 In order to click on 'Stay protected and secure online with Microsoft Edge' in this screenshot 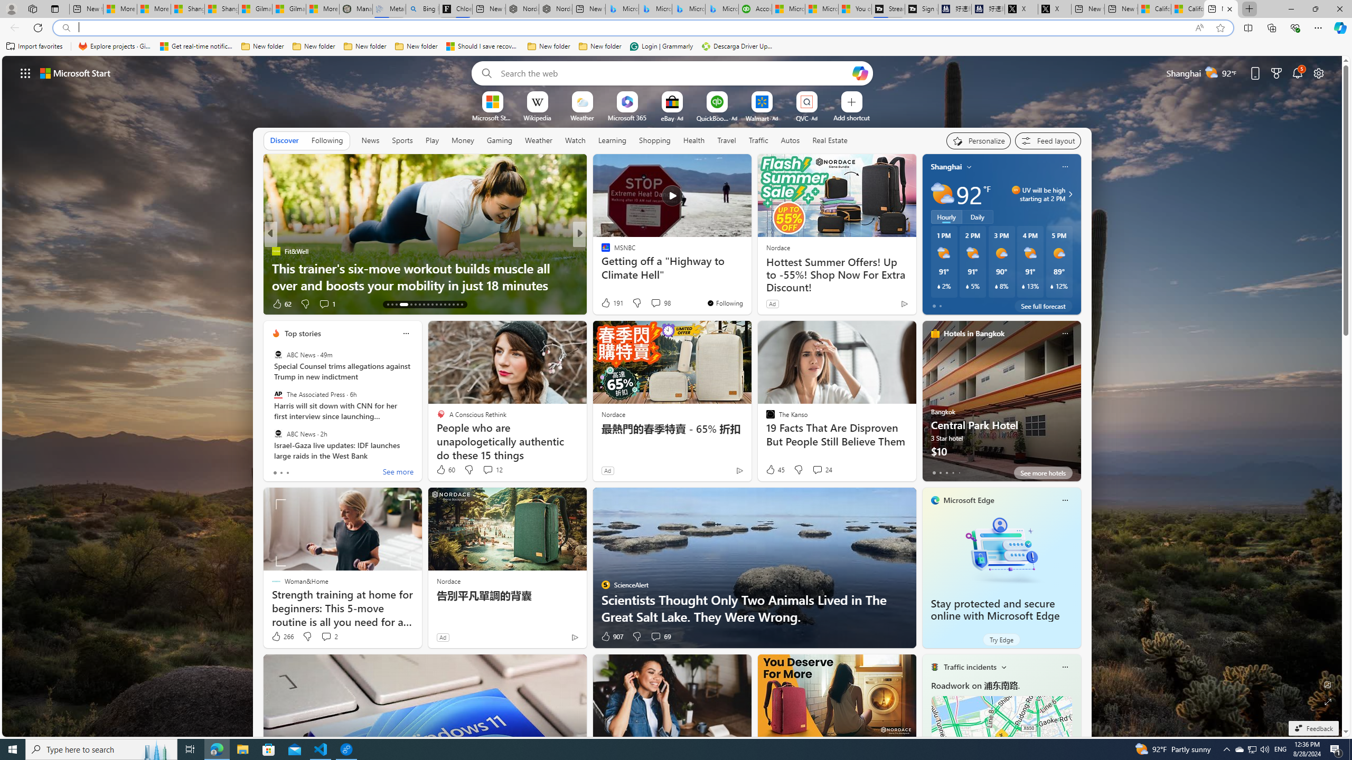, I will do `click(1001, 549)`.